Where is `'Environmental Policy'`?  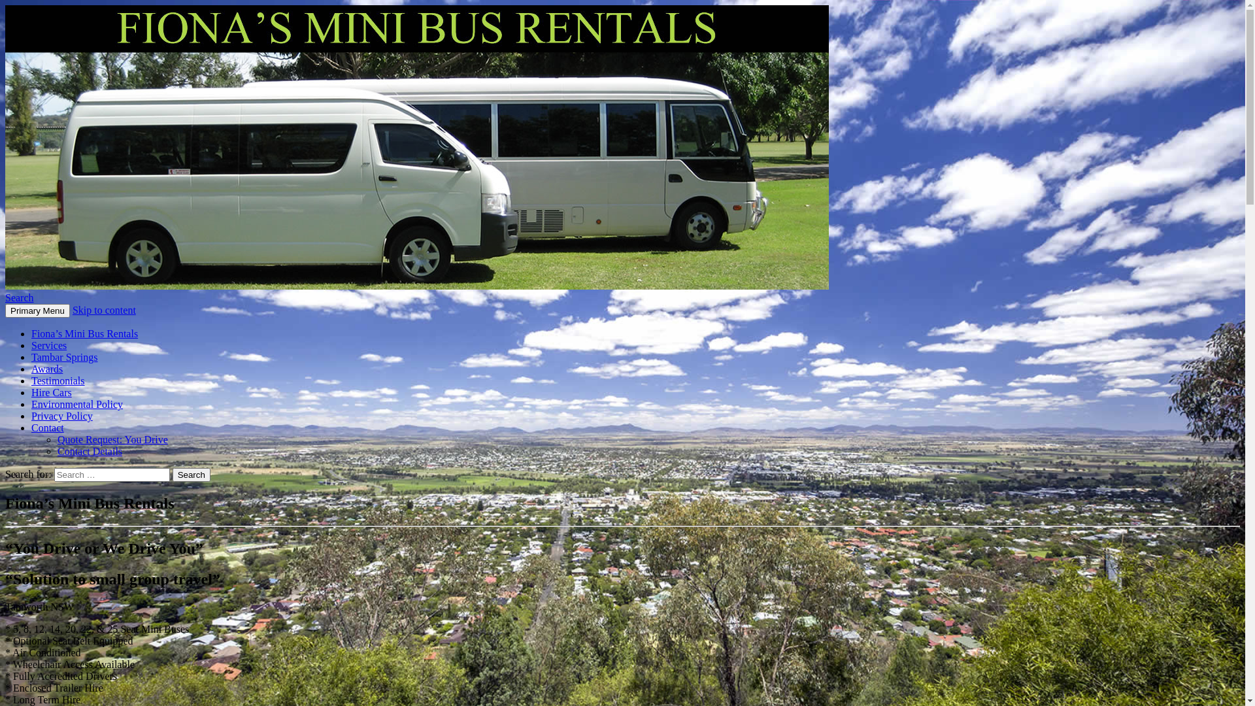
'Environmental Policy' is located at coordinates (31, 403).